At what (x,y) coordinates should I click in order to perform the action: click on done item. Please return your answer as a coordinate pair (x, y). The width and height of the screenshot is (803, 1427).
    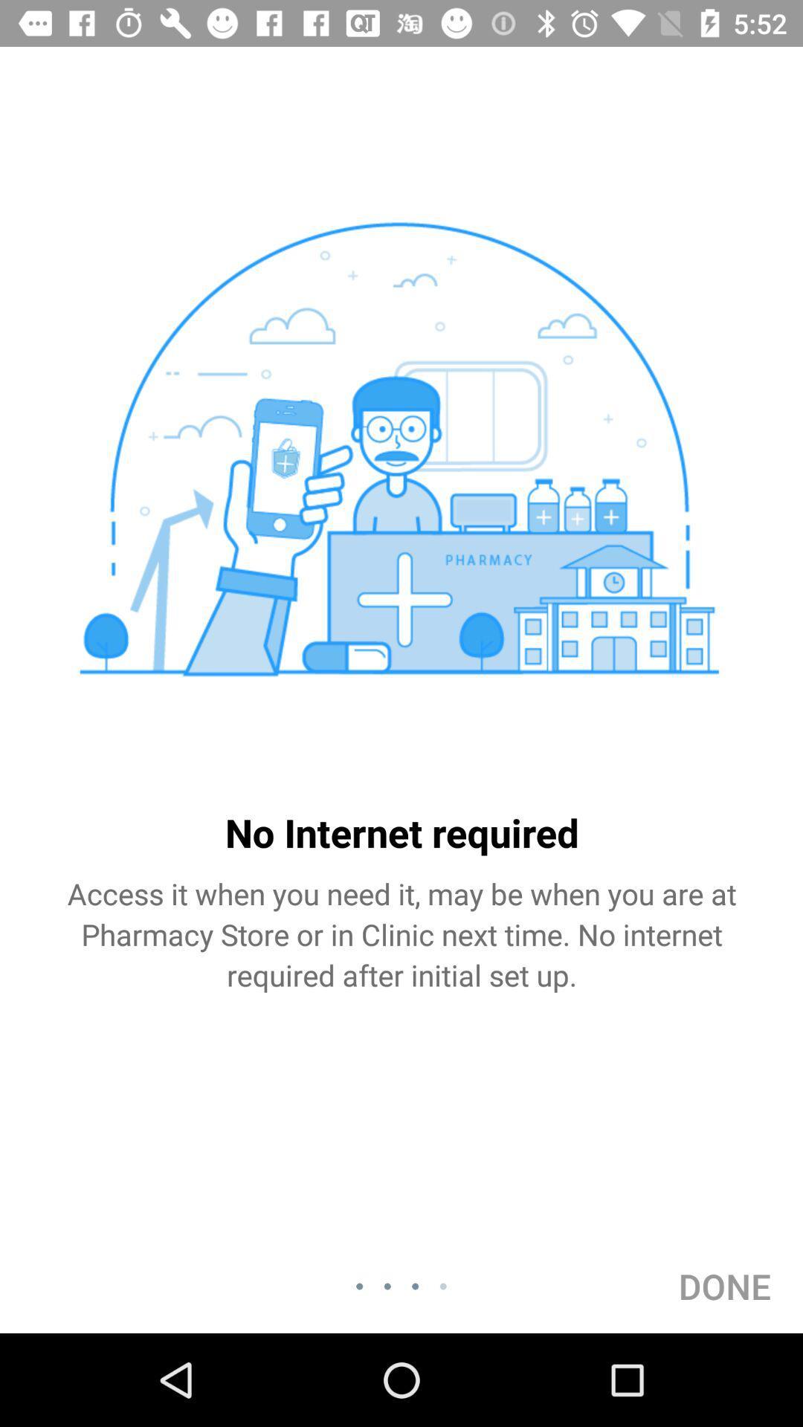
    Looking at the image, I should click on (724, 1286).